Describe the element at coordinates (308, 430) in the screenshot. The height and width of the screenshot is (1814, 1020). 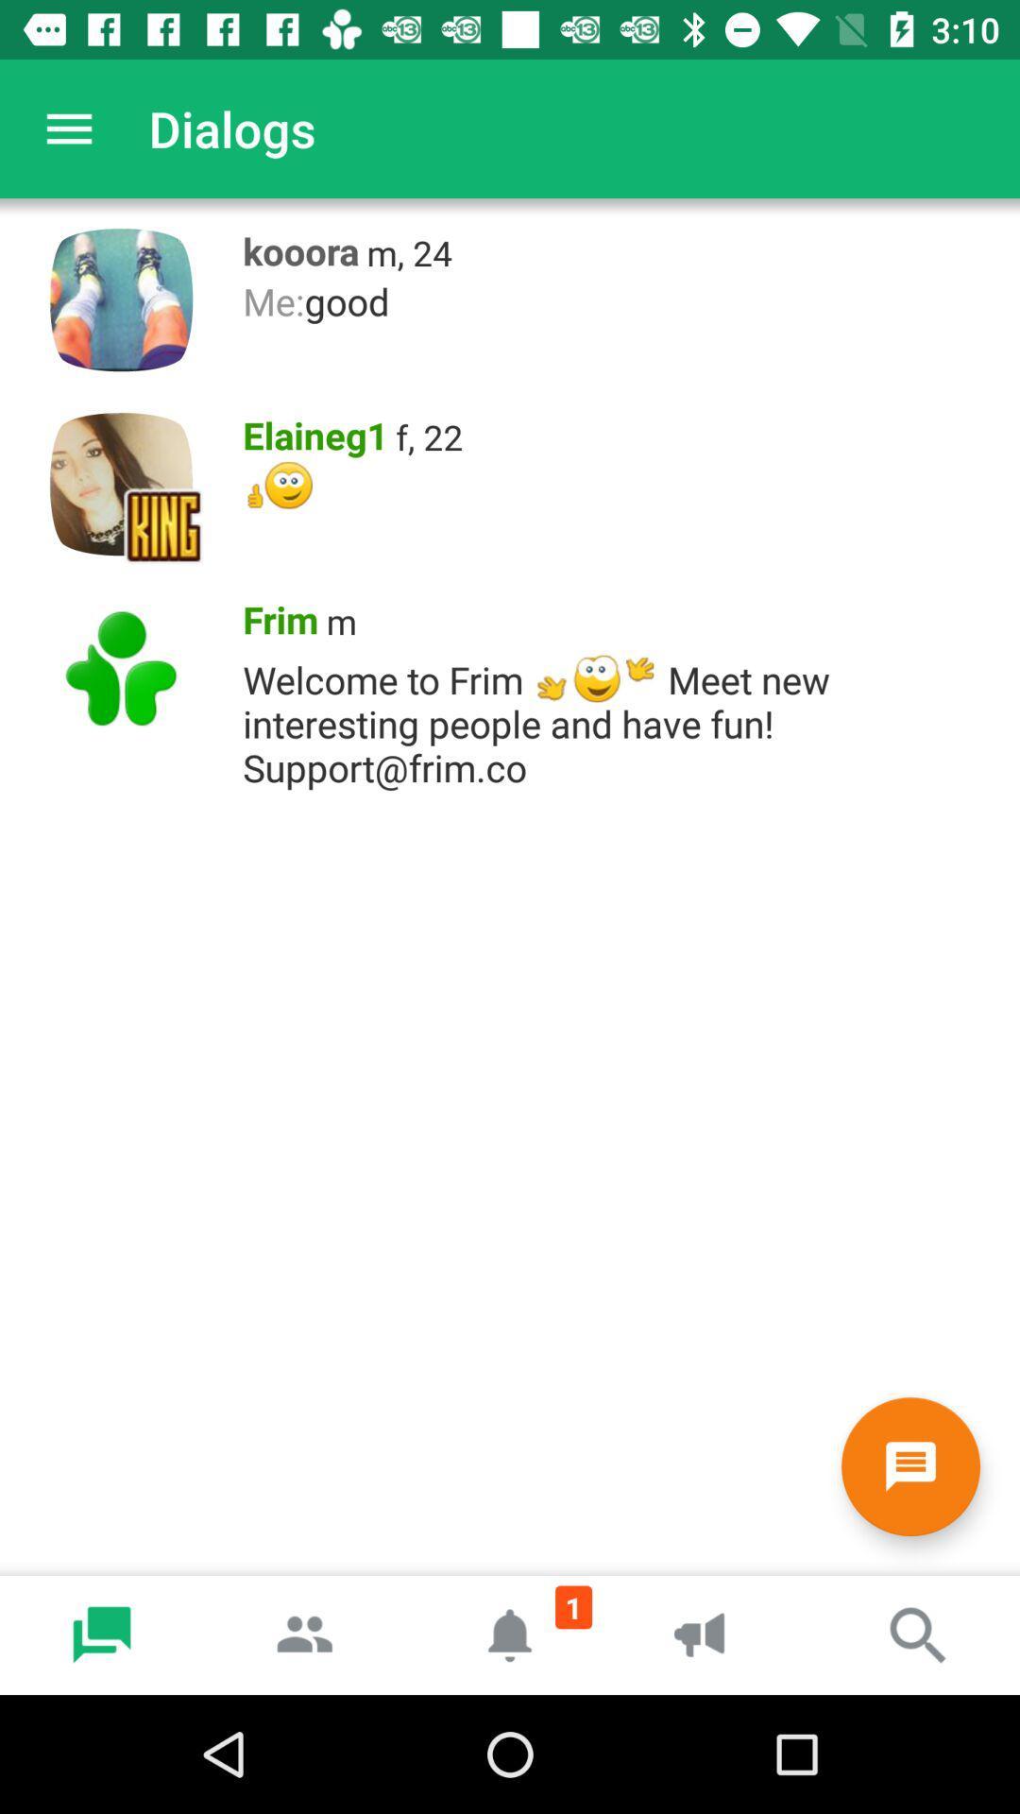
I see `the item to the left of f, 22` at that location.